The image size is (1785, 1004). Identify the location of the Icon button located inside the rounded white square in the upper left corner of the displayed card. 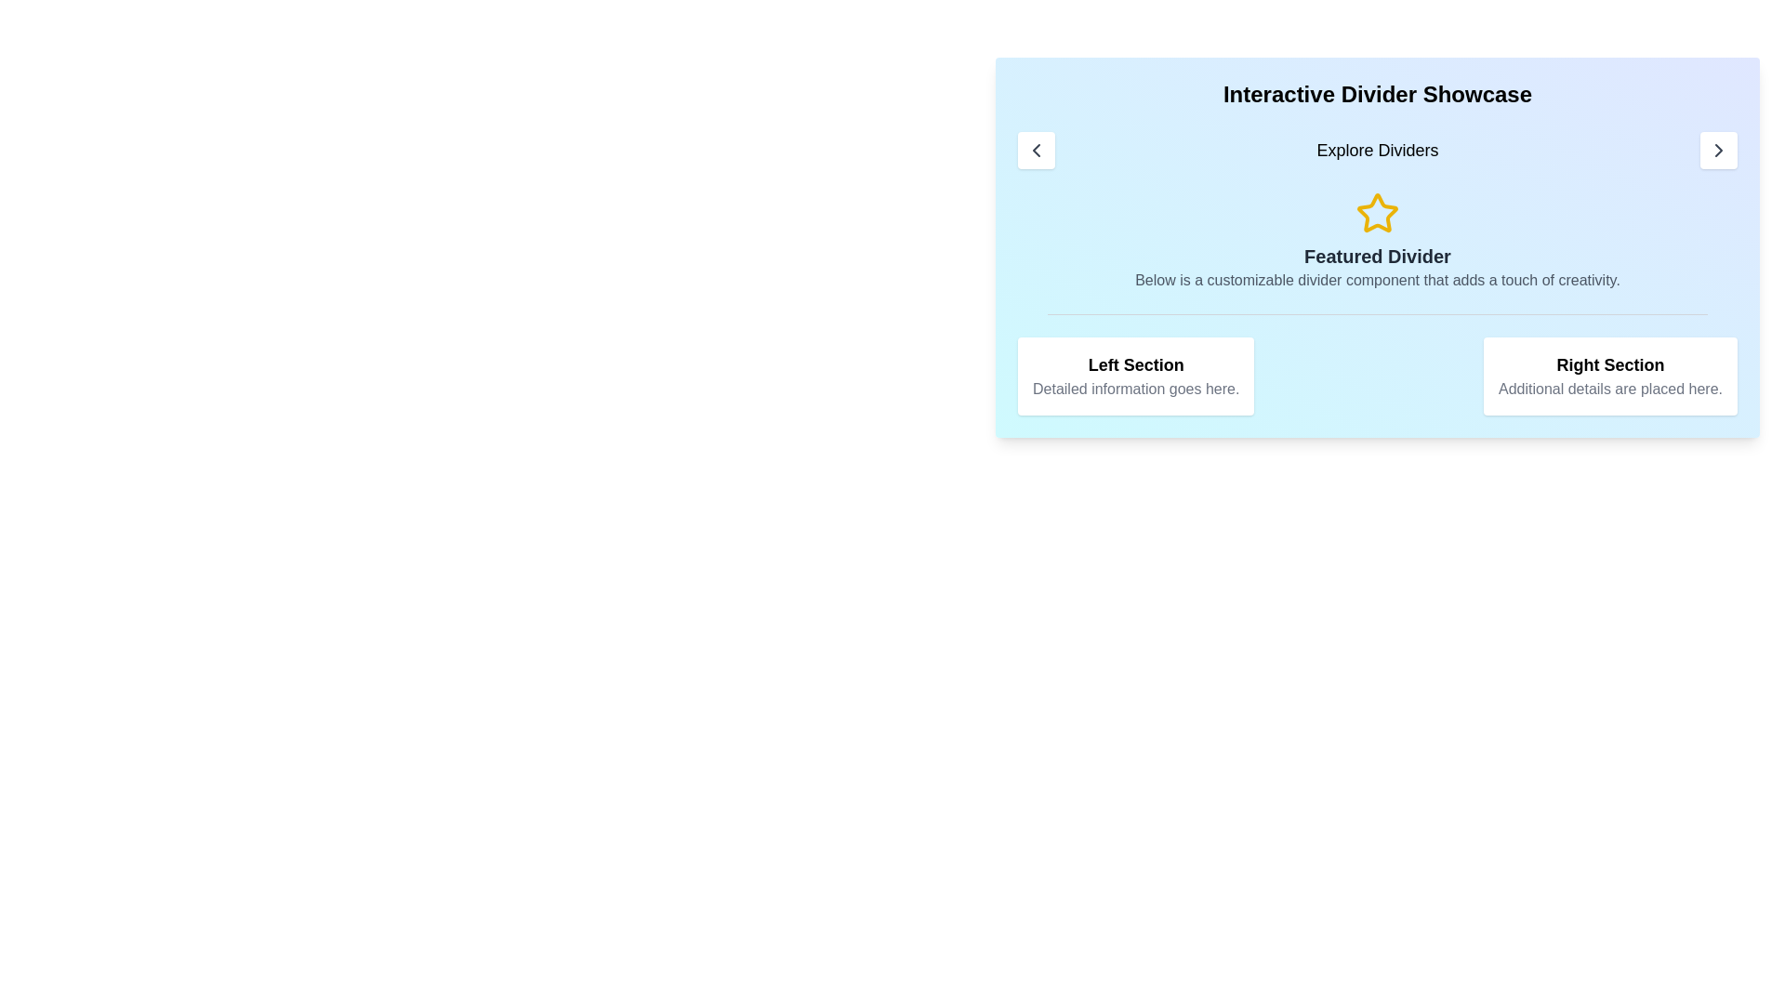
(1035, 150).